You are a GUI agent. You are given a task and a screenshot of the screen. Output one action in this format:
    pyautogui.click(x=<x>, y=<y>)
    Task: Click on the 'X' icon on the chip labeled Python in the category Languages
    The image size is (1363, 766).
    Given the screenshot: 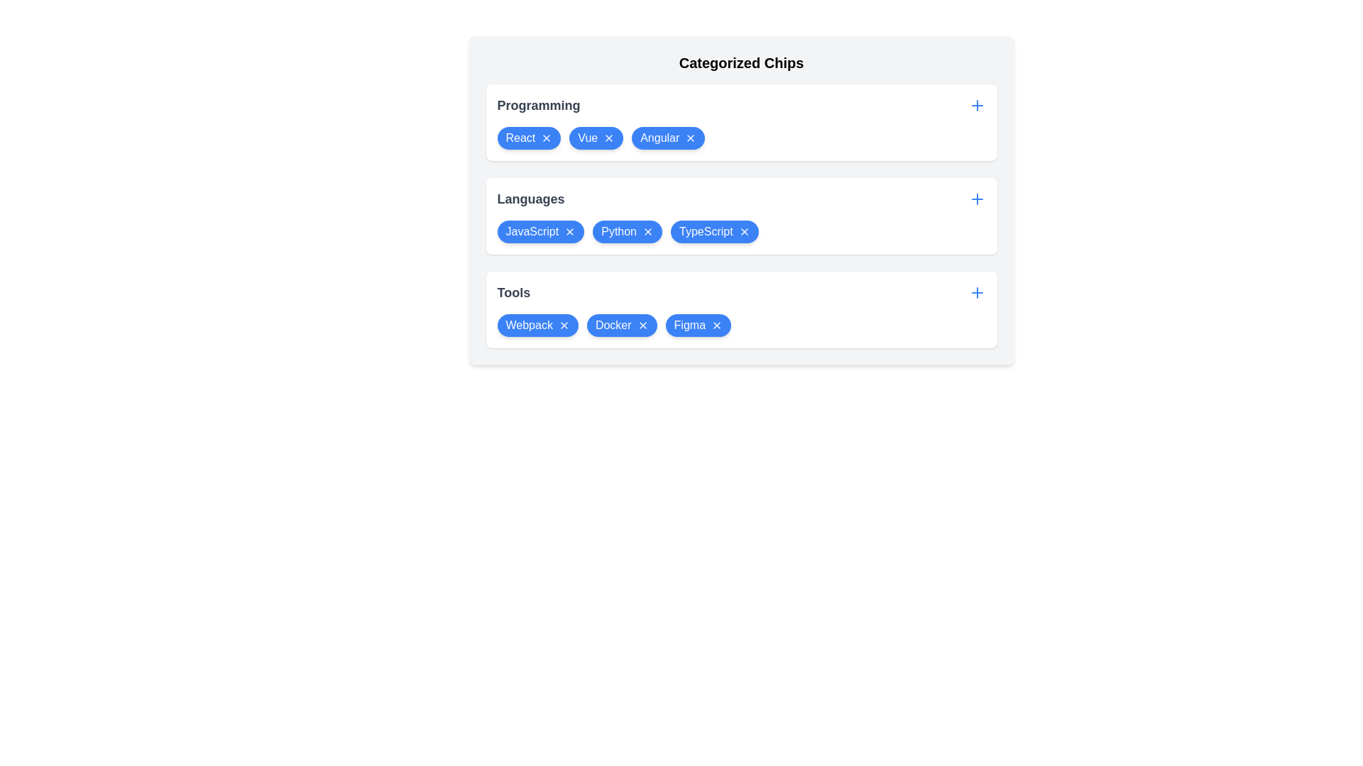 What is the action you would take?
    pyautogui.click(x=647, y=231)
    